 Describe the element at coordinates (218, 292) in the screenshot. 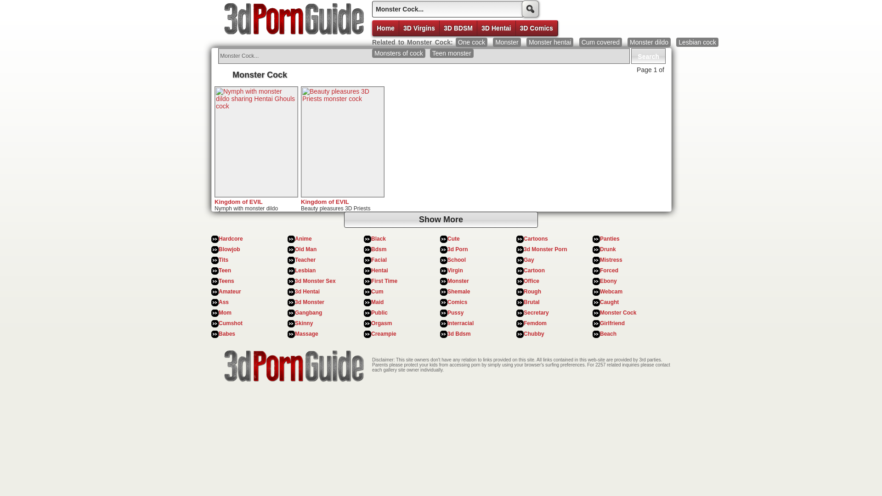

I see `'Amateur'` at that location.